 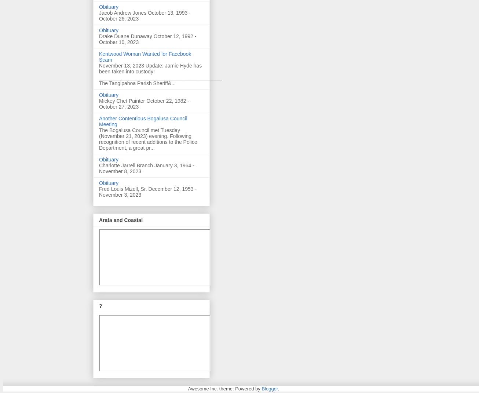 What do you see at coordinates (99, 220) in the screenshot?
I see `'Arata and Coastal'` at bounding box center [99, 220].